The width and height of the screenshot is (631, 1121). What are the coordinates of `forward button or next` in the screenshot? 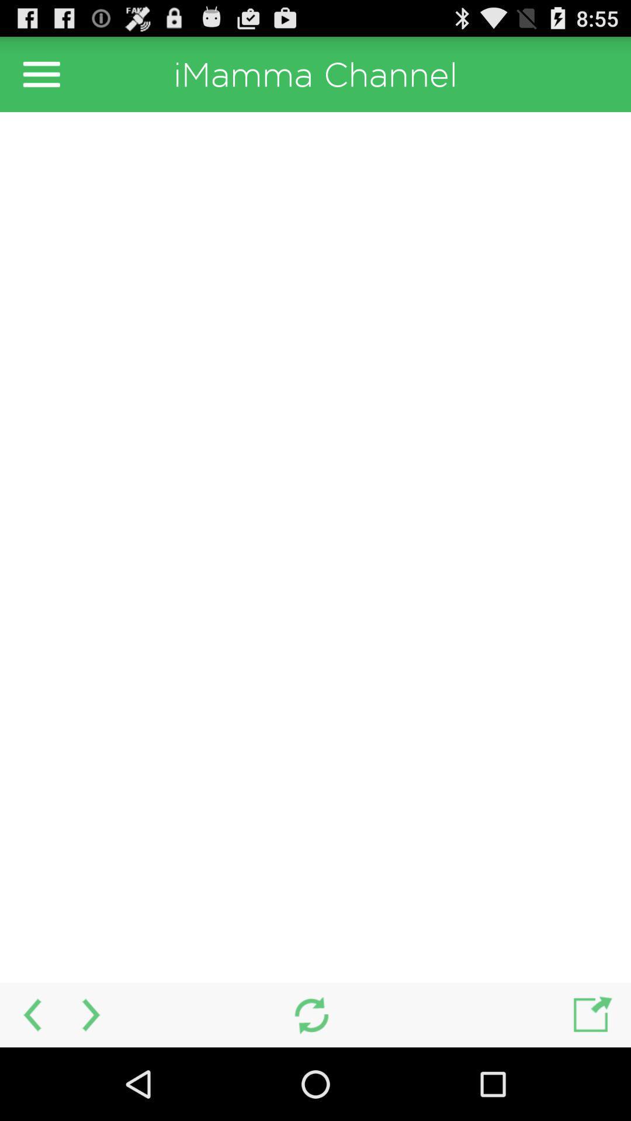 It's located at (92, 1014).